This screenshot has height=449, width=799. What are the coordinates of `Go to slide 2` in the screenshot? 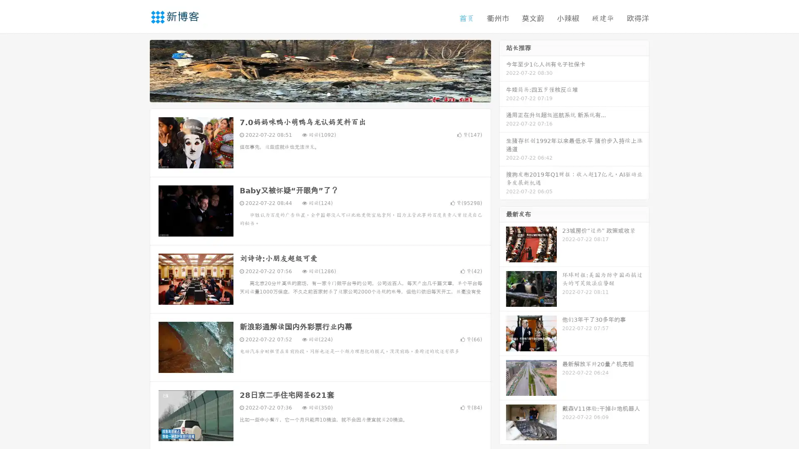 It's located at (320, 94).